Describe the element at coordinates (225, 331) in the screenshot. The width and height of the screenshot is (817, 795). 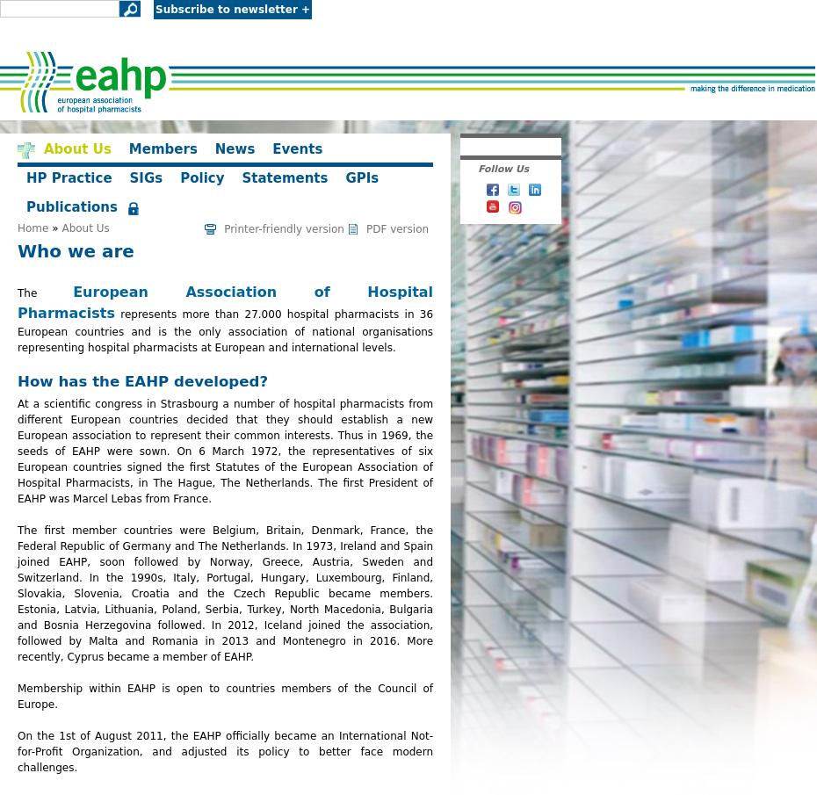
I see `'represents more than 27.000 hospital pharmacists in 36 European countries and is the only association of national organisations representing hospital pharmacists at European and international levels.'` at that location.